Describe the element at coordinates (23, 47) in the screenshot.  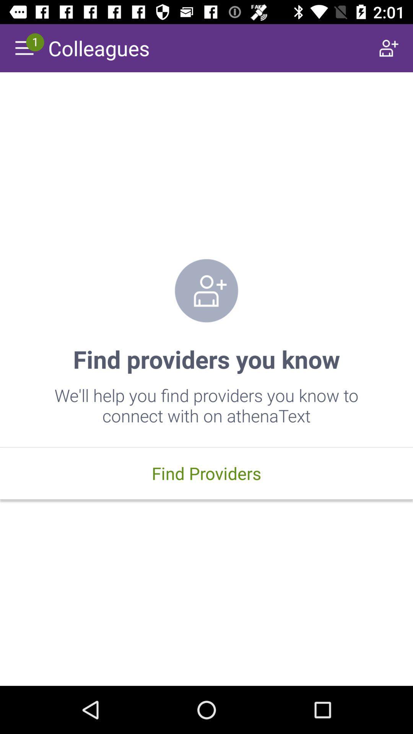
I see `open menu` at that location.